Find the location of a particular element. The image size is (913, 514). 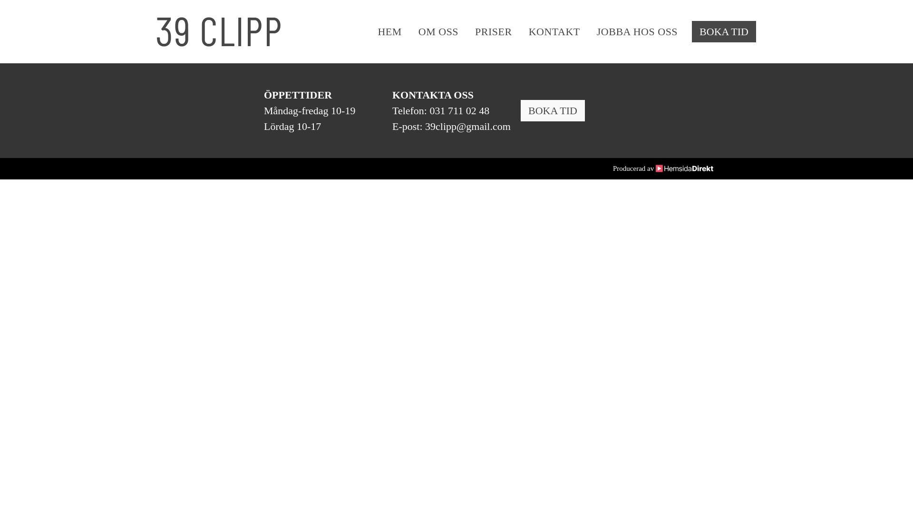

'KONTAKT' is located at coordinates (546, 31).